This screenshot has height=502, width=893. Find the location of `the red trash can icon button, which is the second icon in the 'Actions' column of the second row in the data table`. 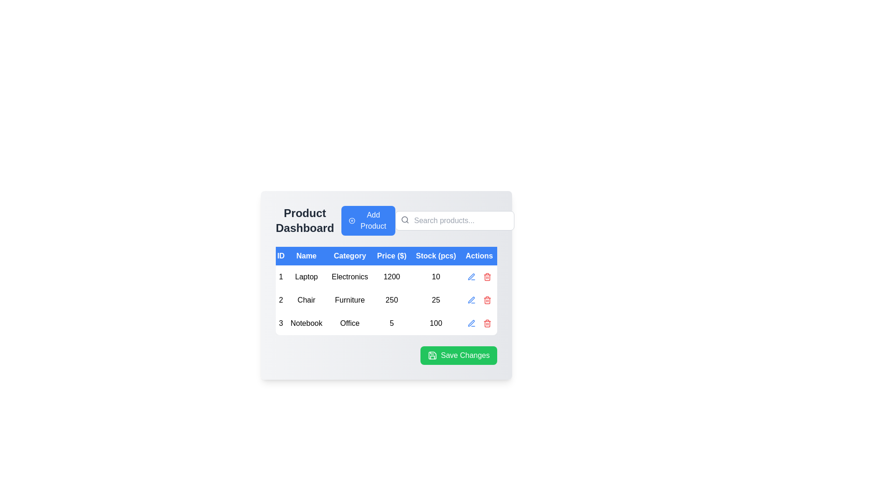

the red trash can icon button, which is the second icon in the 'Actions' column of the second row in the data table is located at coordinates (486, 300).